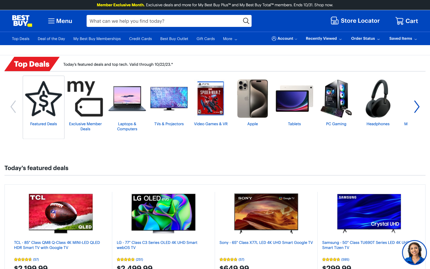 The image size is (430, 269). What do you see at coordinates (61, 213) in the screenshot?
I see `Go to the Today"s featured deals area and click on the top deal` at bounding box center [61, 213].